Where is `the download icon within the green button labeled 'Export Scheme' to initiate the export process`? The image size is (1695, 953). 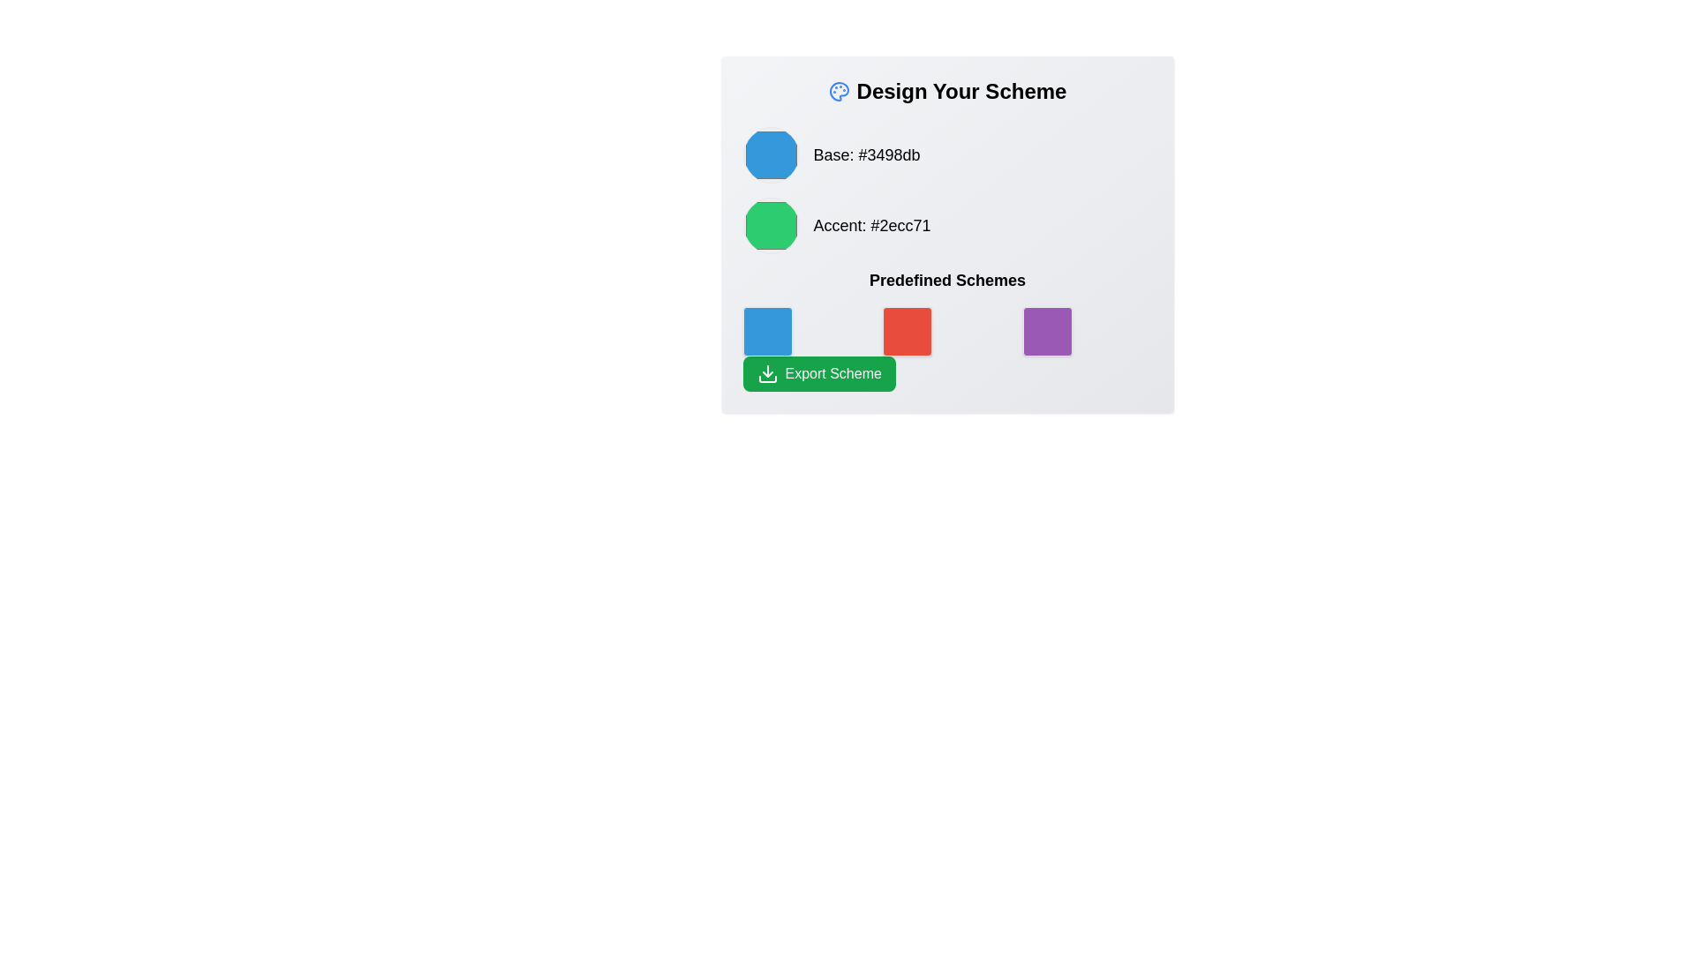 the download icon within the green button labeled 'Export Scheme' to initiate the export process is located at coordinates (767, 373).